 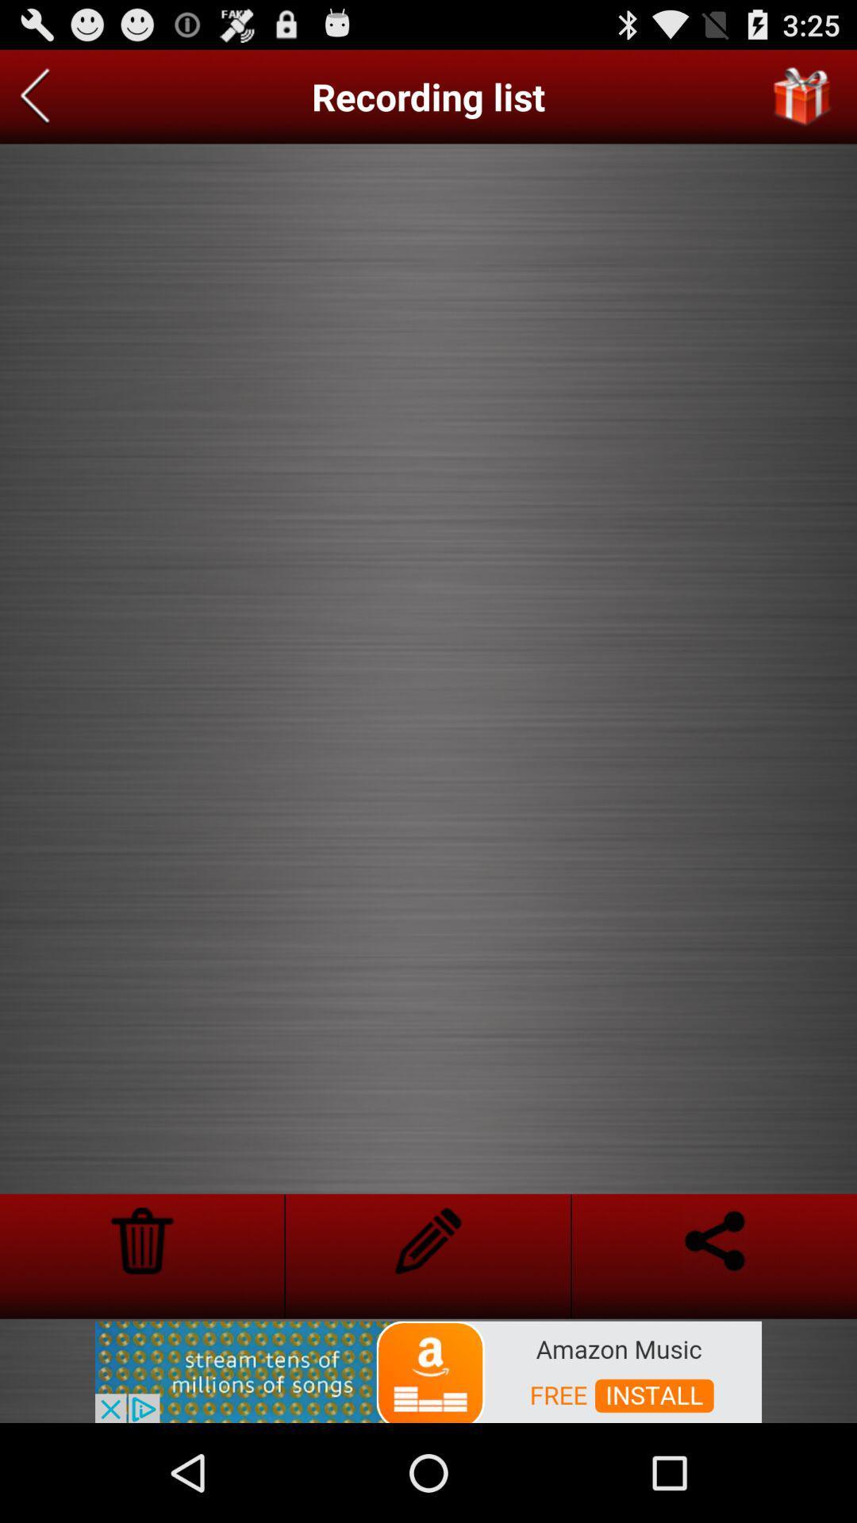 What do you see at coordinates (427, 1240) in the screenshot?
I see `edit description` at bounding box center [427, 1240].